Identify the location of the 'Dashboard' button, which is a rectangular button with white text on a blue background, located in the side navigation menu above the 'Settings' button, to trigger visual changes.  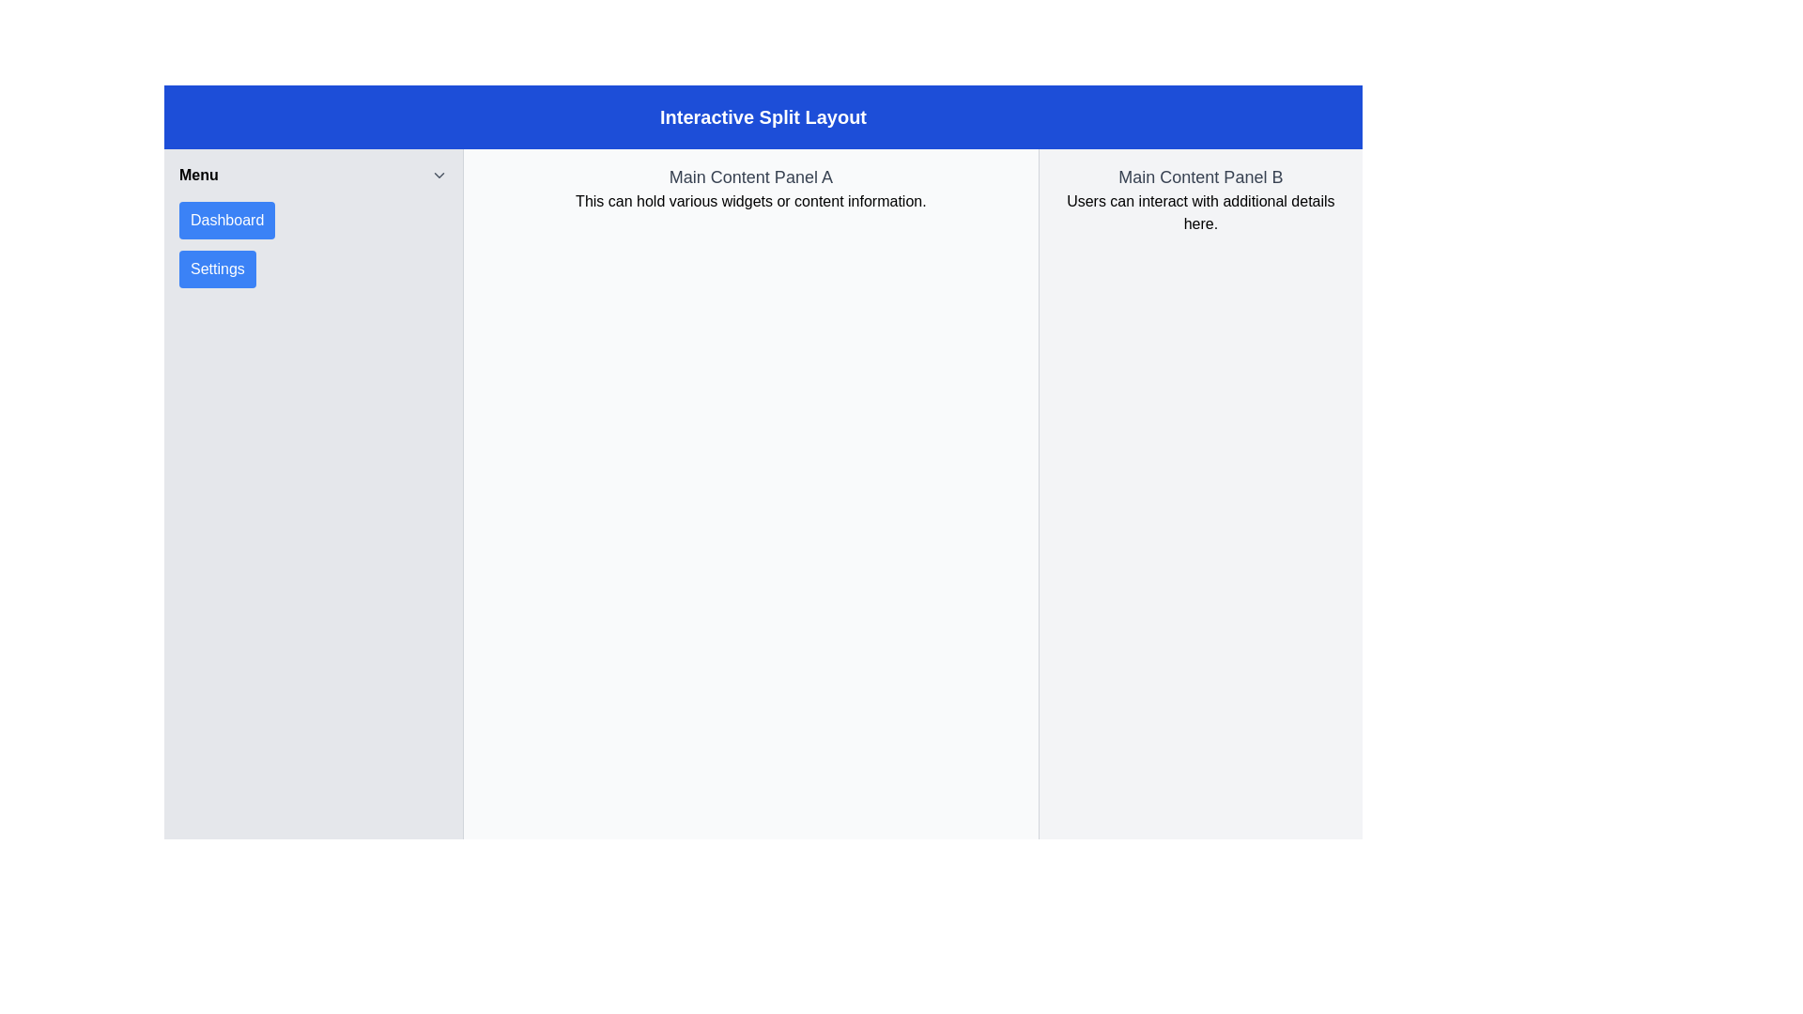
(226, 220).